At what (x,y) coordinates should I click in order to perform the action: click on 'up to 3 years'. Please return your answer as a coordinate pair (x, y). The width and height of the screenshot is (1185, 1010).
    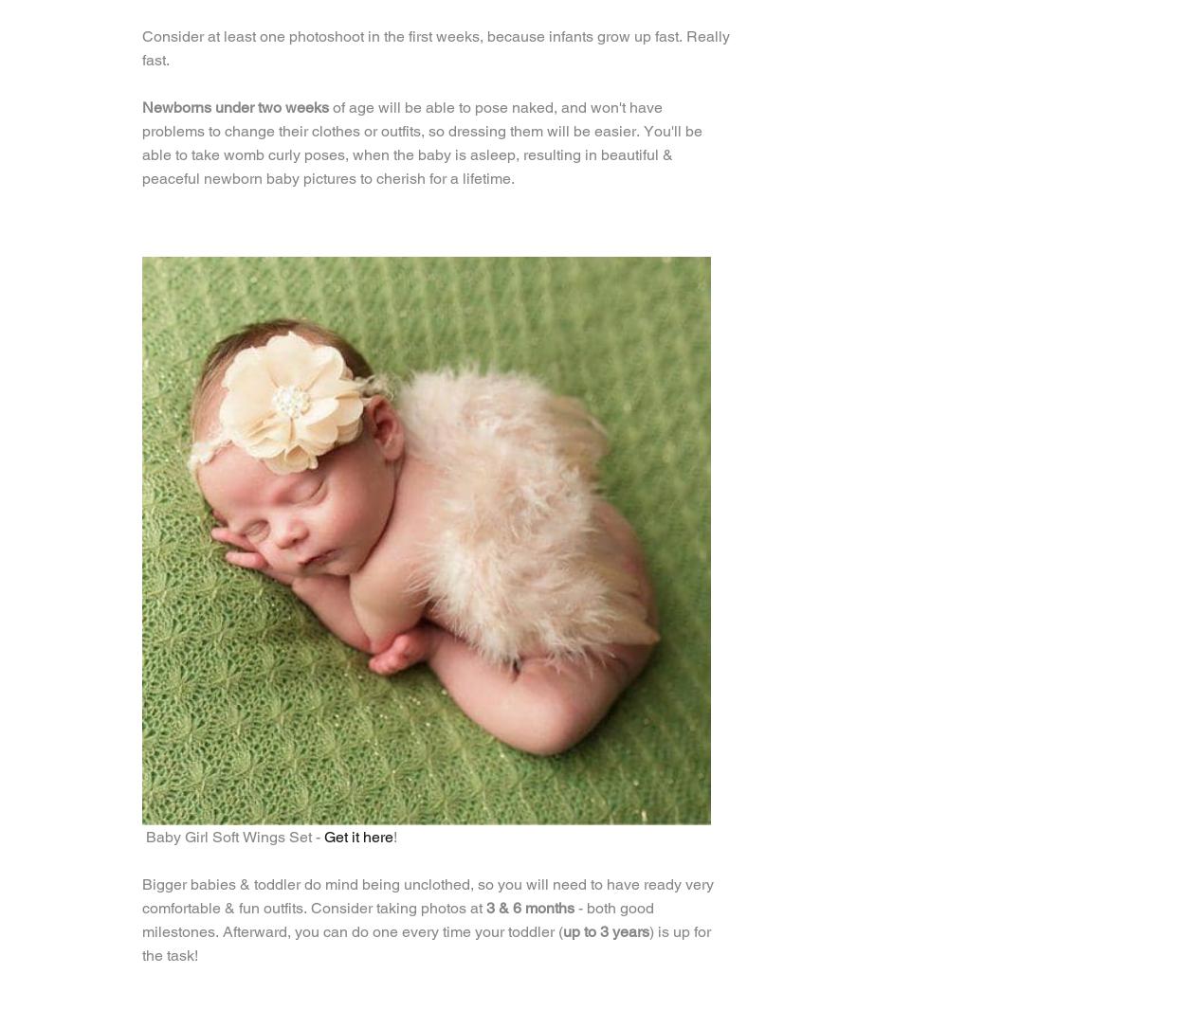
    Looking at the image, I should click on (606, 931).